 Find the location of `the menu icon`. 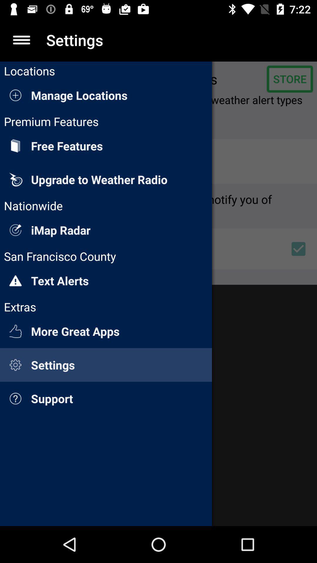

the menu icon is located at coordinates (21, 40).